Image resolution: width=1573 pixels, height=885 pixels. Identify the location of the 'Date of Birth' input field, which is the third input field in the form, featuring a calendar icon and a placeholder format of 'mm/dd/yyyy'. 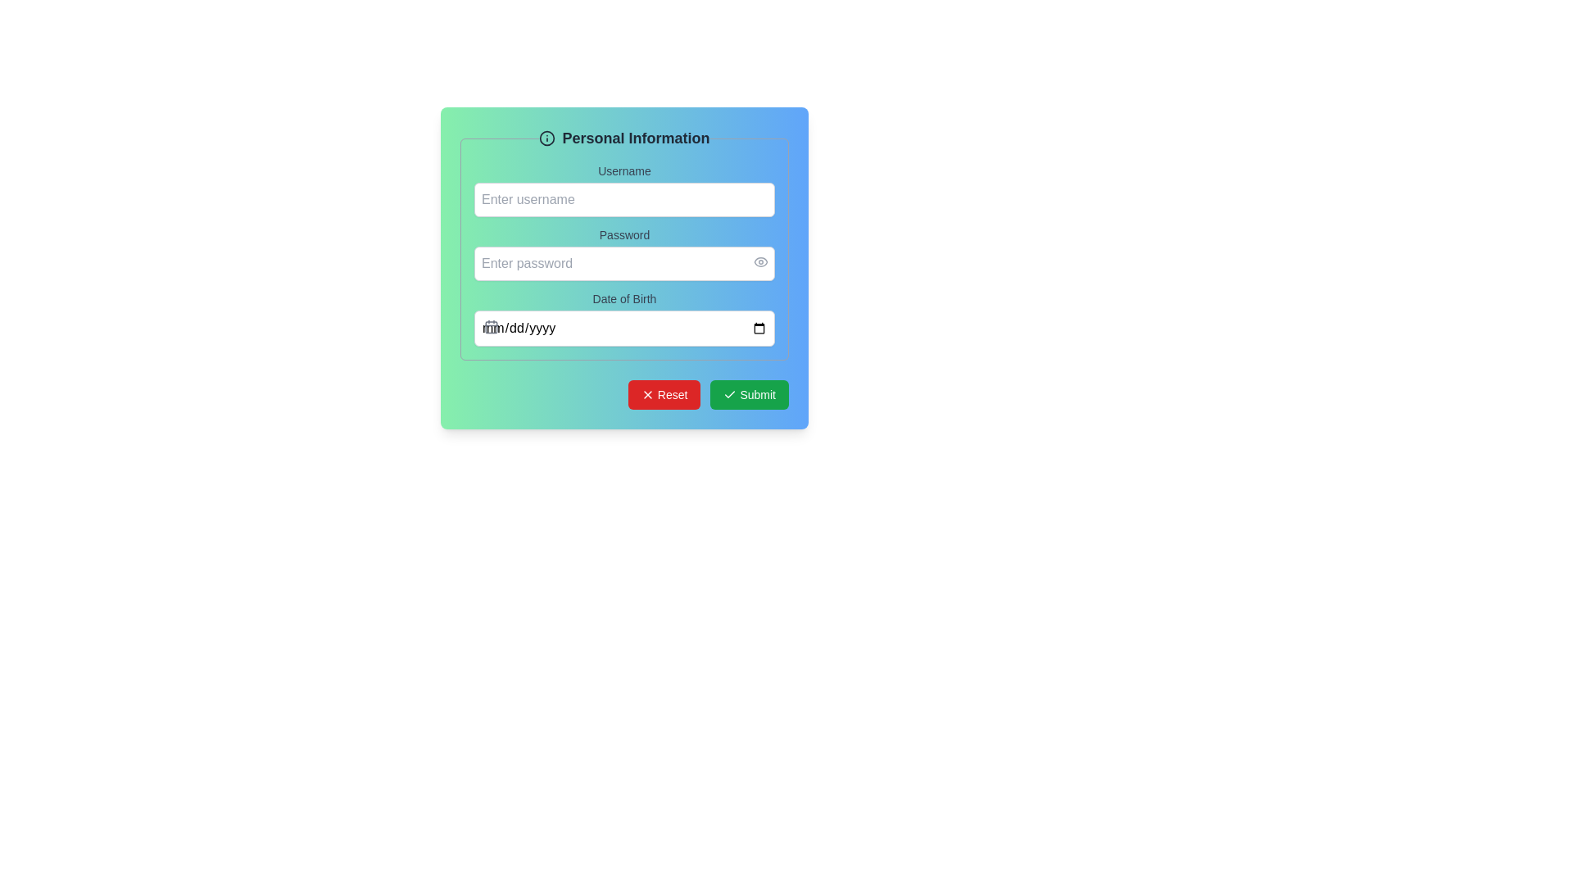
(623, 319).